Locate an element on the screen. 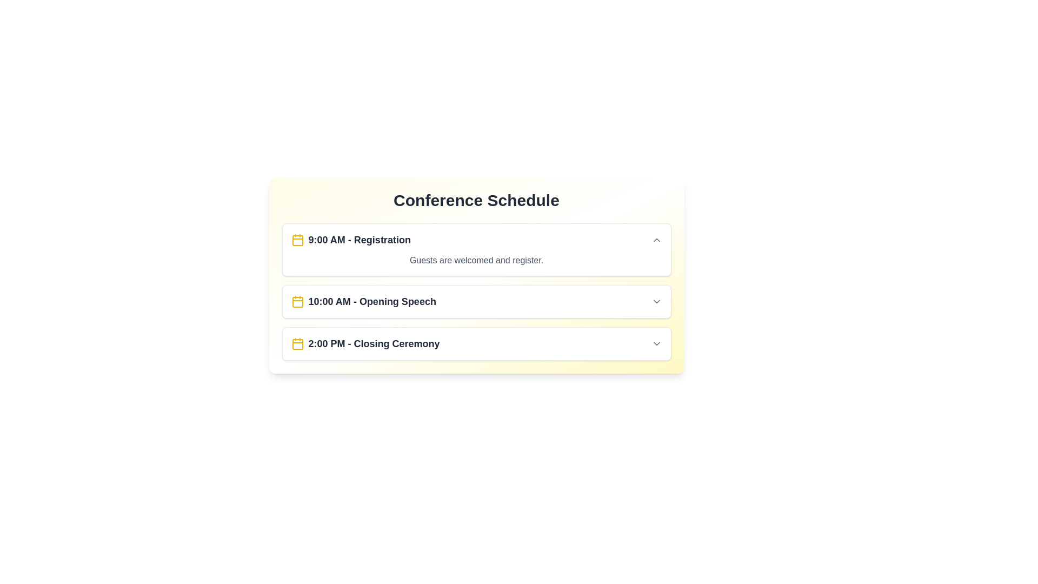 The image size is (1038, 584). event details of the second list item titled '10:00 AM - Opening Speech' in the 'Conference Schedule' is located at coordinates (476, 292).